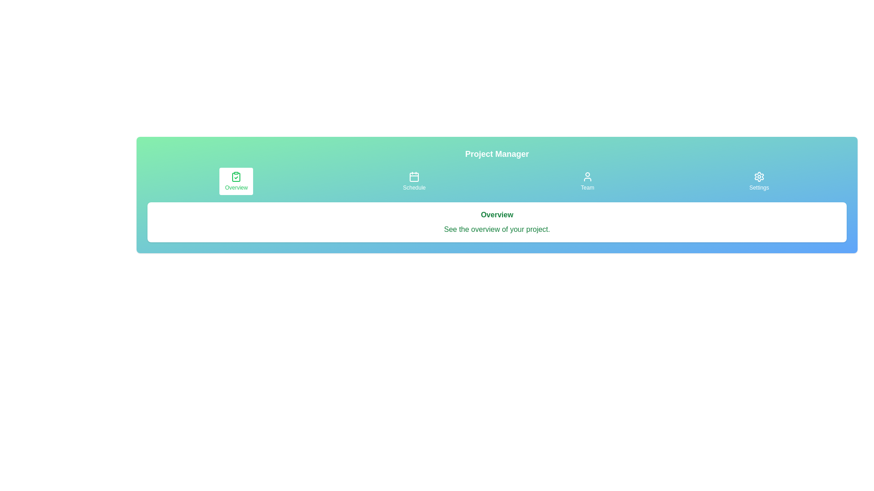  Describe the element at coordinates (587, 177) in the screenshot. I see `the 'Team' button which features a minimalistic user icon outlined in white against a light blue circular background, located centrally in the navigation bar between the 'Schedule' and 'Settings' buttons` at that location.